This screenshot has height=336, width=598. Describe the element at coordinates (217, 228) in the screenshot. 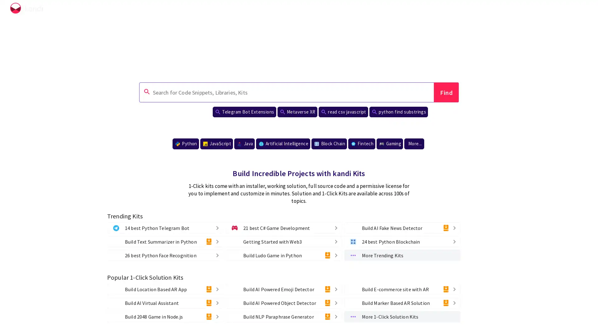

I see `delete` at that location.